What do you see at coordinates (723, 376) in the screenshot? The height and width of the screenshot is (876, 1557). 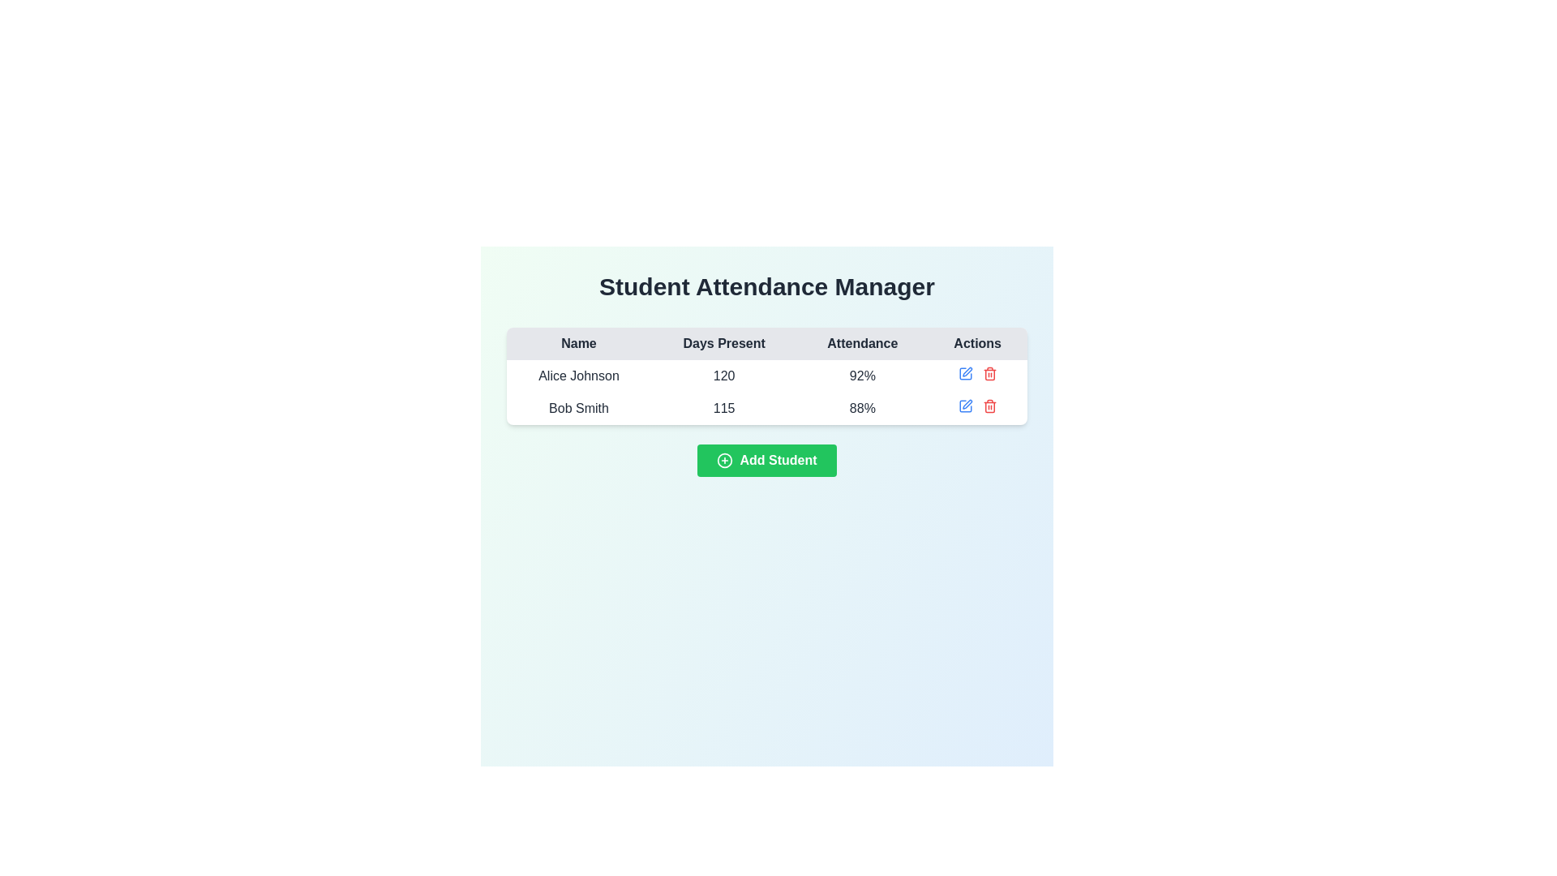 I see `the text display element showing the number '120' under the 'Days Present' column for 'Alice Johnson'` at bounding box center [723, 376].